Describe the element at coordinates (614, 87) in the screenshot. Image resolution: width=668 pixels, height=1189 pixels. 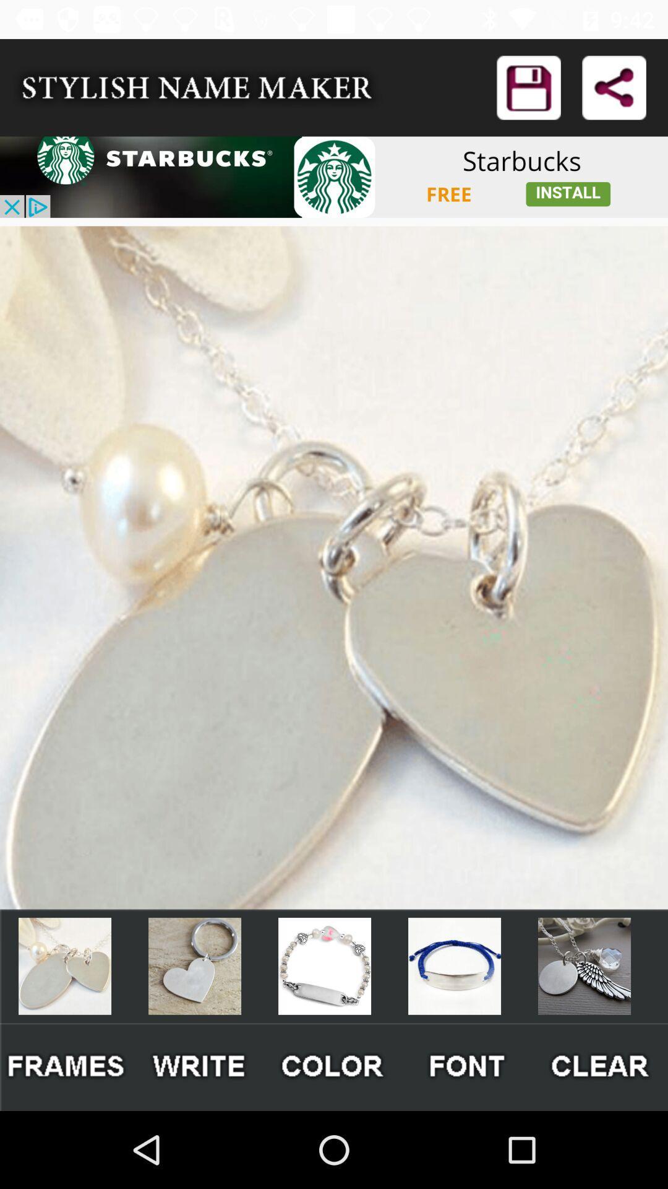
I see `share the product` at that location.